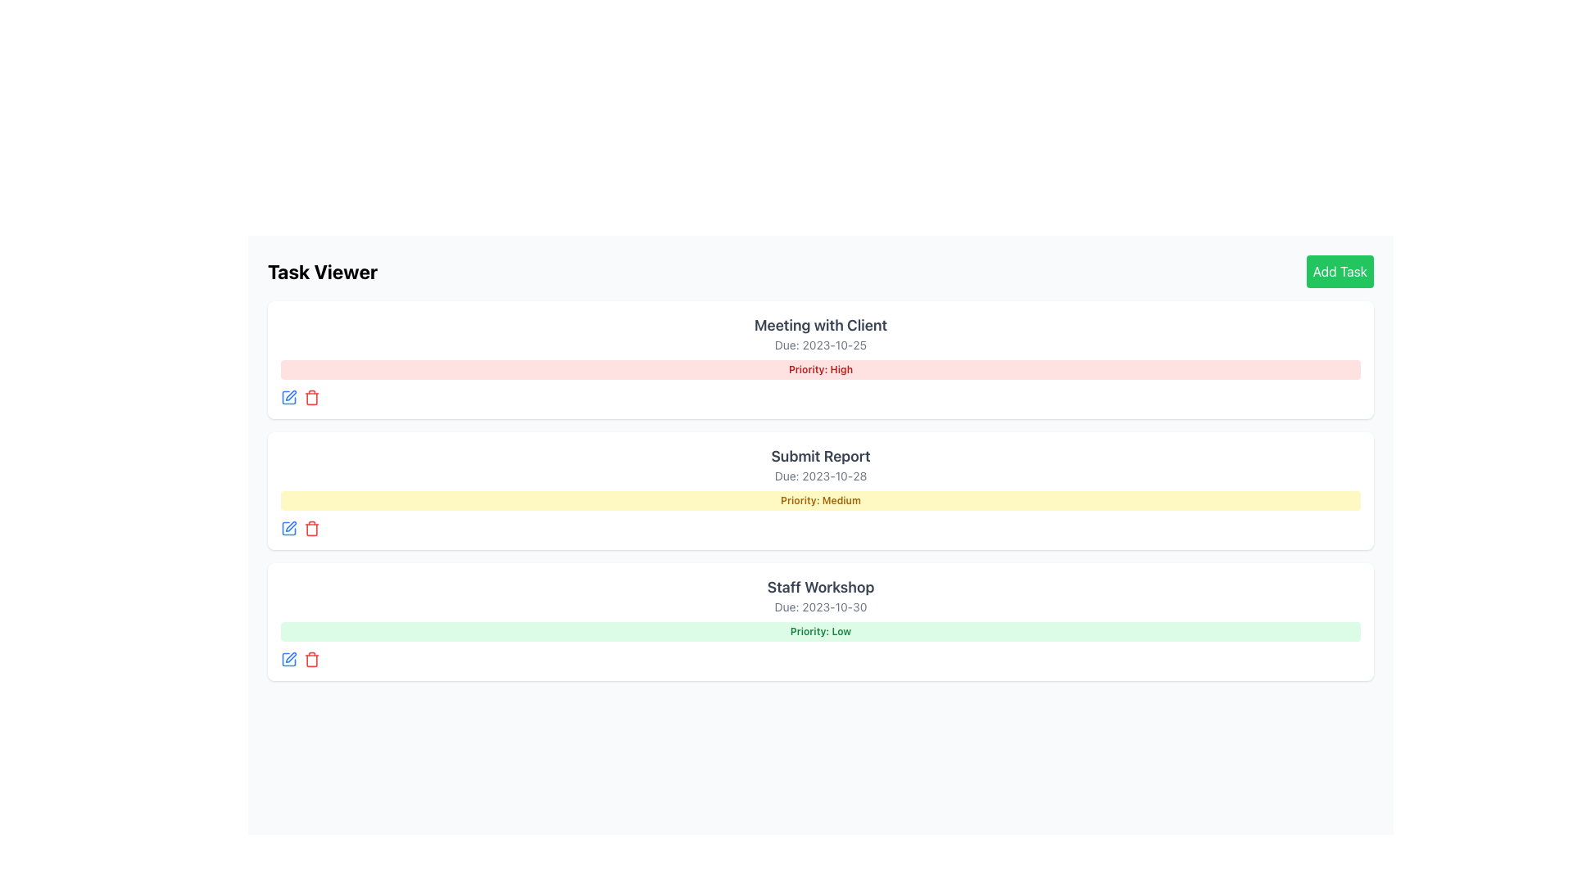  Describe the element at coordinates (289, 528) in the screenshot. I see `the leftmost edit button in the horizontal row of controls beneath the 'Submit Report' task item to modify the associated task` at that location.